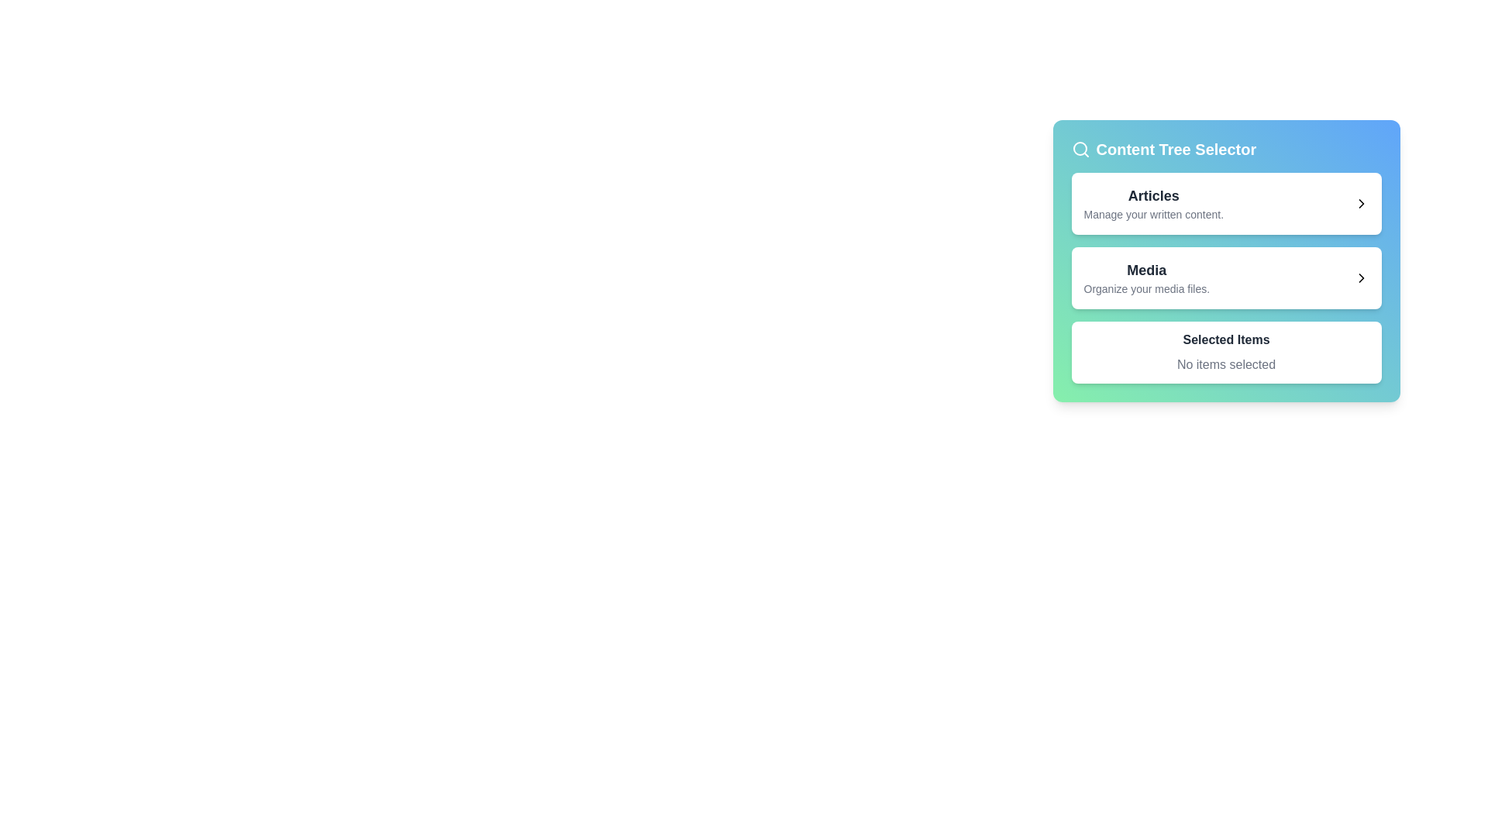  Describe the element at coordinates (1146, 277) in the screenshot. I see `the second entry in the vertically stacked list, which serves as a navigation option for media management, located below 'Articles' and above 'Selected Items'` at that location.